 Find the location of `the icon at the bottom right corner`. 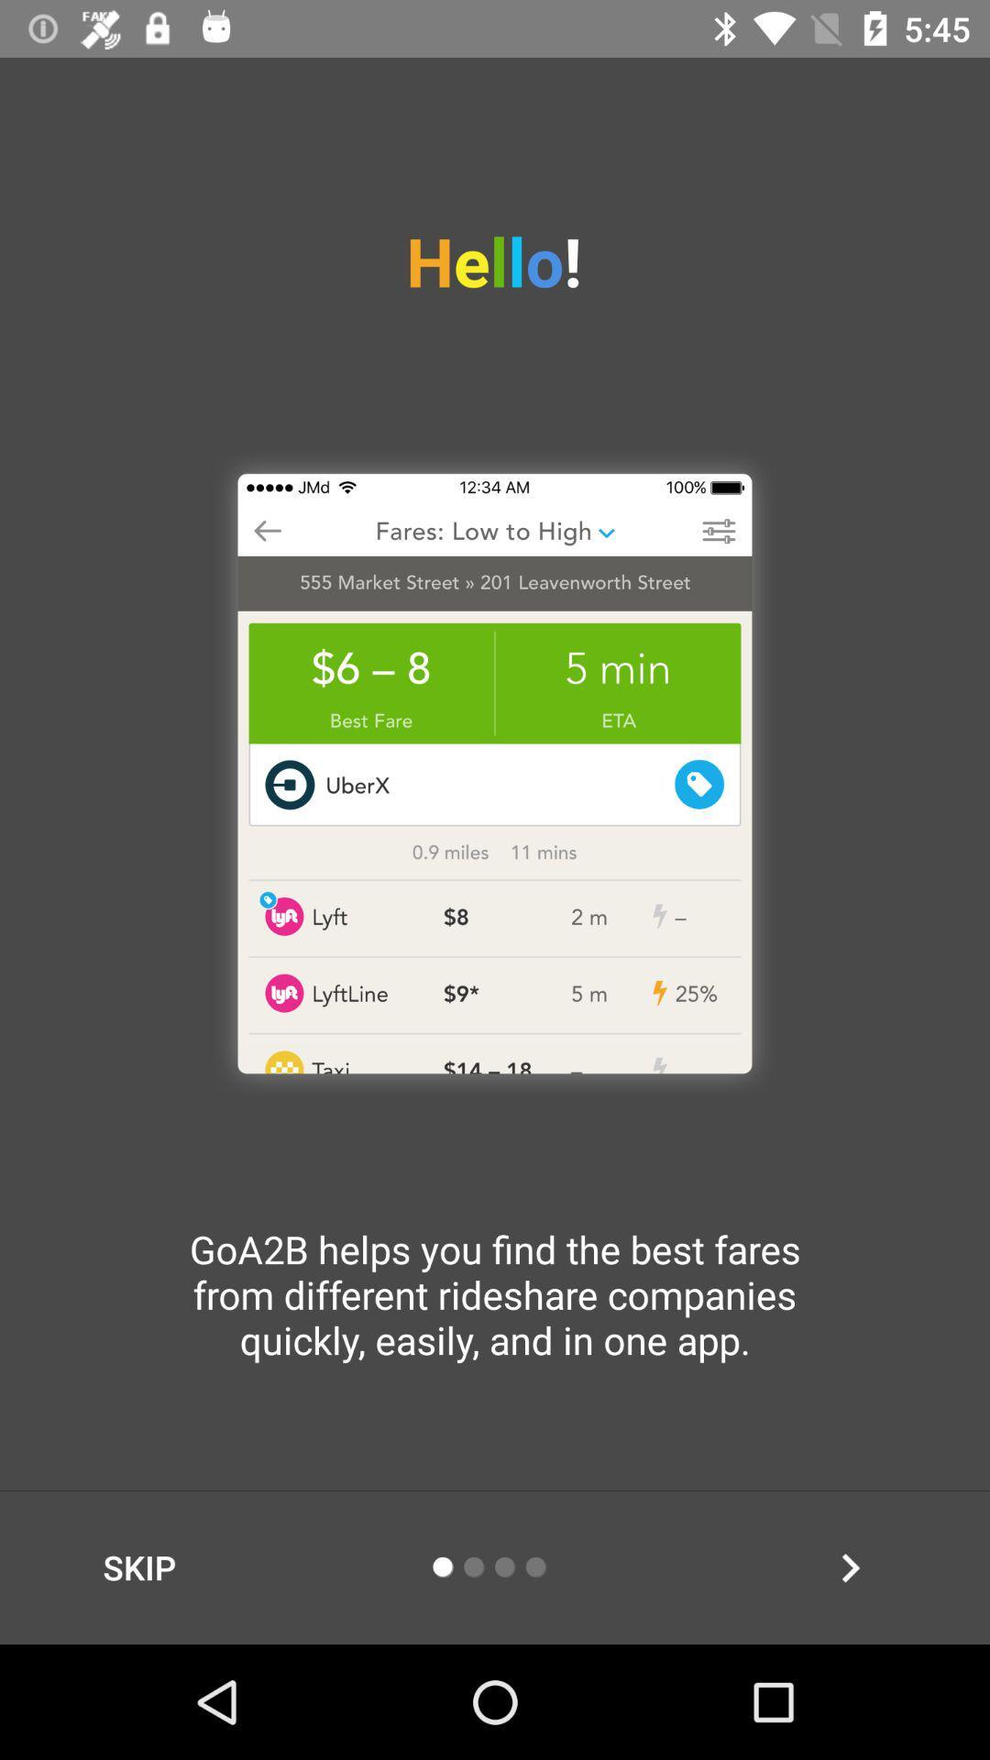

the icon at the bottom right corner is located at coordinates (850, 1567).